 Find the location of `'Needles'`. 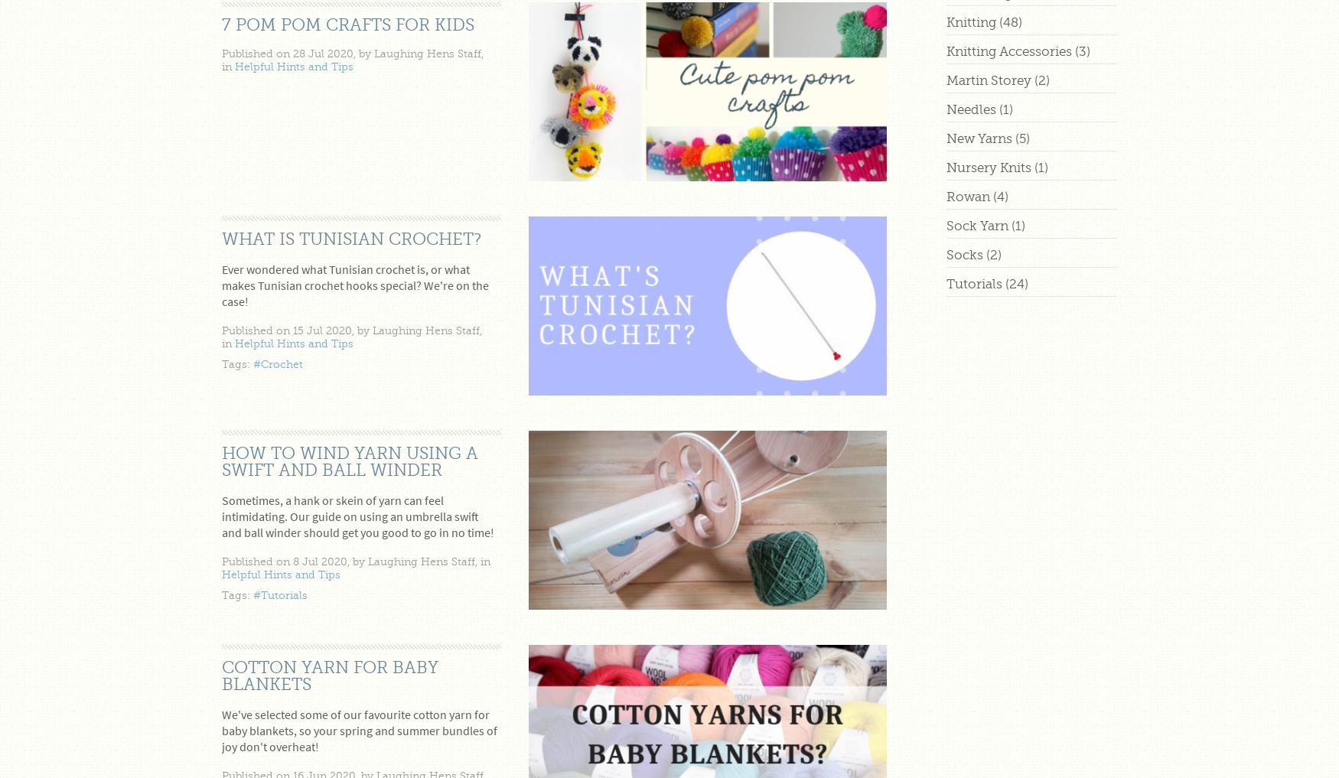

'Needles' is located at coordinates (970, 109).